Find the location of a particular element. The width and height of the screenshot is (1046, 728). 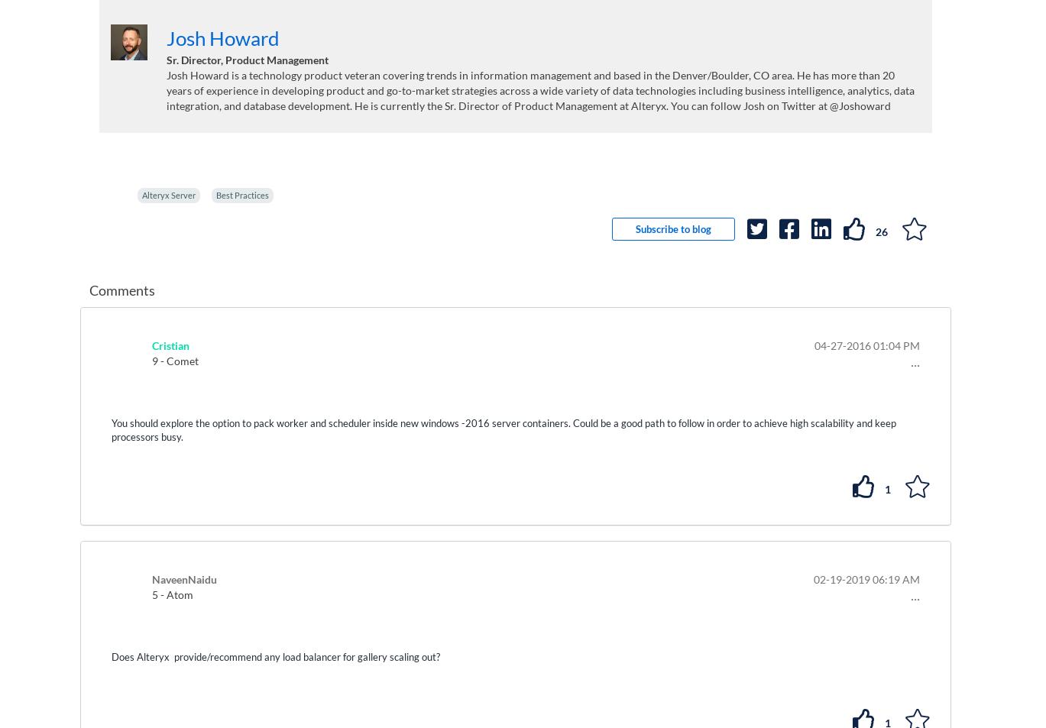

'‎04-27-2016' is located at coordinates (814, 344).